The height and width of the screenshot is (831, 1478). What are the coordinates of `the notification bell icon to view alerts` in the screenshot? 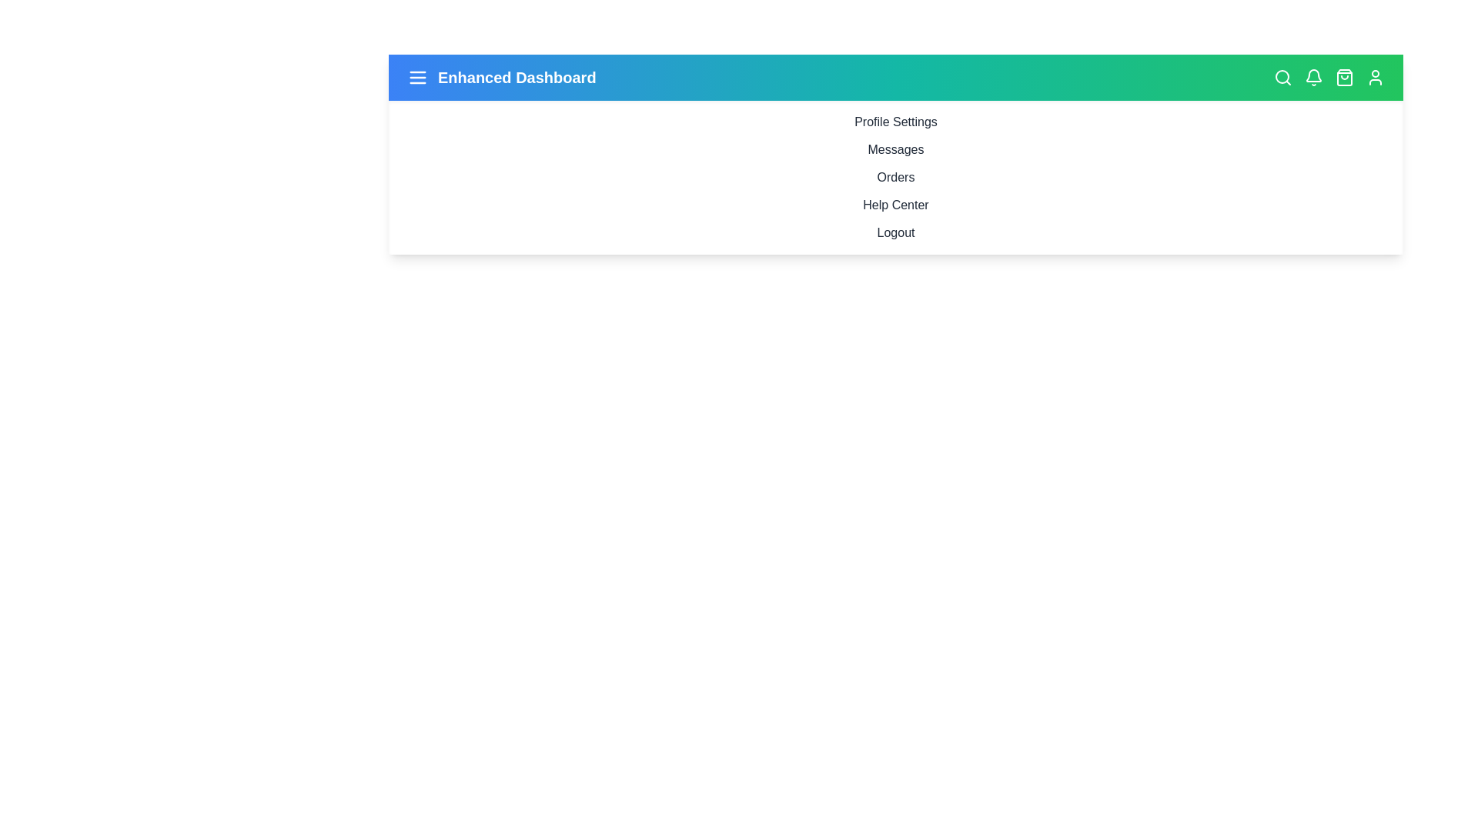 It's located at (1313, 77).